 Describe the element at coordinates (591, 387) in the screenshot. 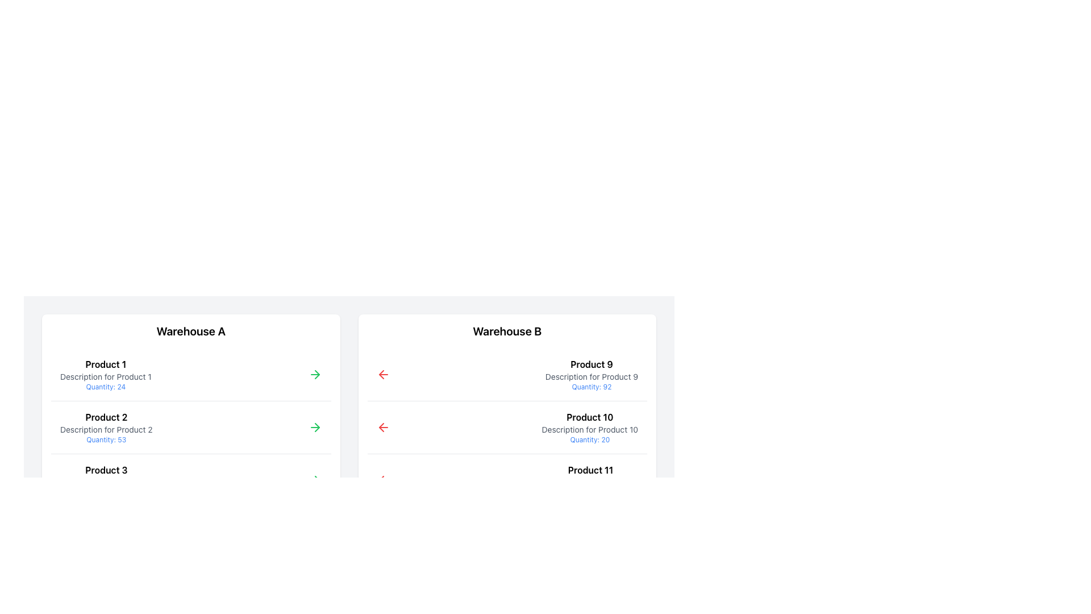

I see `the text label indicating the quantity of product '92' located in the third row of the 'Warehouse B' section, directly below the description for 'Product 9'` at that location.